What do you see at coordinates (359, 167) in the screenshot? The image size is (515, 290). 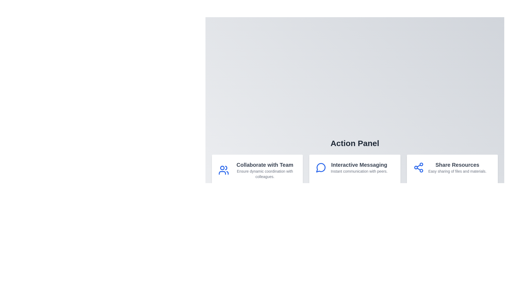 I see `the textual description block for the 'Interactive Messaging' feature, which is located in the central card among three horizontally aligned cards at the bottom of the action panel section` at bounding box center [359, 167].